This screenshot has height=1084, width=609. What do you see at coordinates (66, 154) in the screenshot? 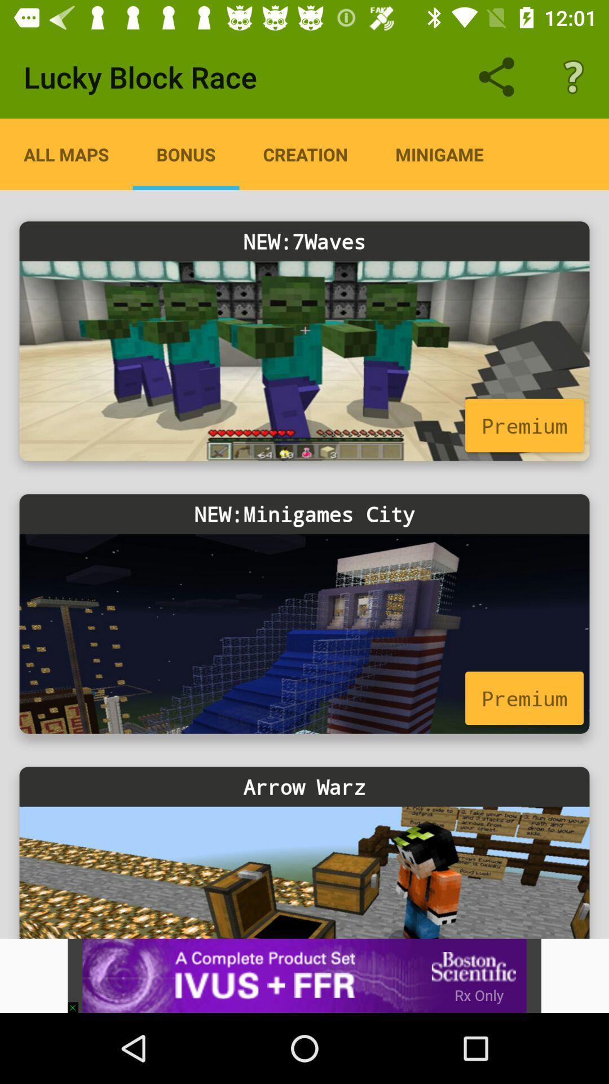
I see `item above new:7waves item` at bounding box center [66, 154].